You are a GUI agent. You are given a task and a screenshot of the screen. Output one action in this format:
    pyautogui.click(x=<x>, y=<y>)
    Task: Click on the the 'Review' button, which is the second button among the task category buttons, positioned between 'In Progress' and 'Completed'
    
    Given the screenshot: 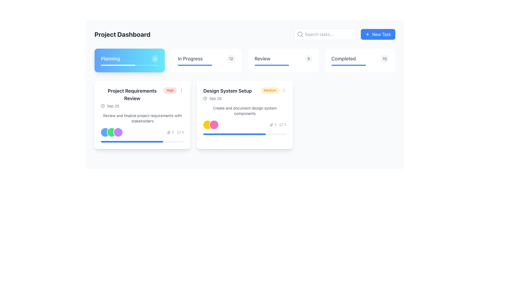 What is the action you would take?
    pyautogui.click(x=283, y=59)
    